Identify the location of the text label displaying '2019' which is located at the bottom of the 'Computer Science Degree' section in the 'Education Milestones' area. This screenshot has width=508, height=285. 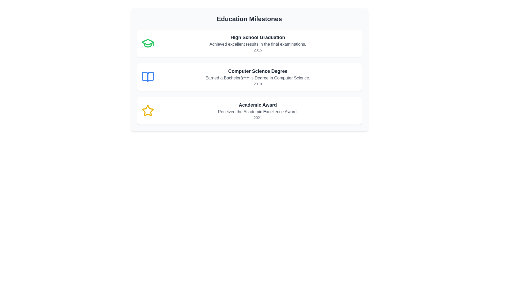
(258, 83).